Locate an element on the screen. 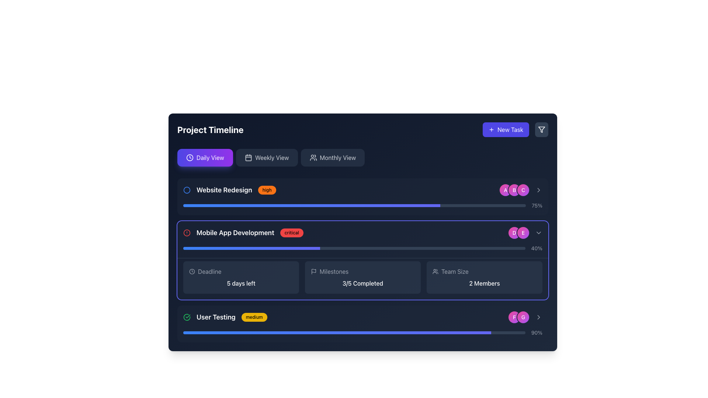 Image resolution: width=708 pixels, height=398 pixels. 'Project Timeline' text label which is styled in bold, large-sized white text against a dark background, positioned at the top-left of the layout is located at coordinates (210, 129).